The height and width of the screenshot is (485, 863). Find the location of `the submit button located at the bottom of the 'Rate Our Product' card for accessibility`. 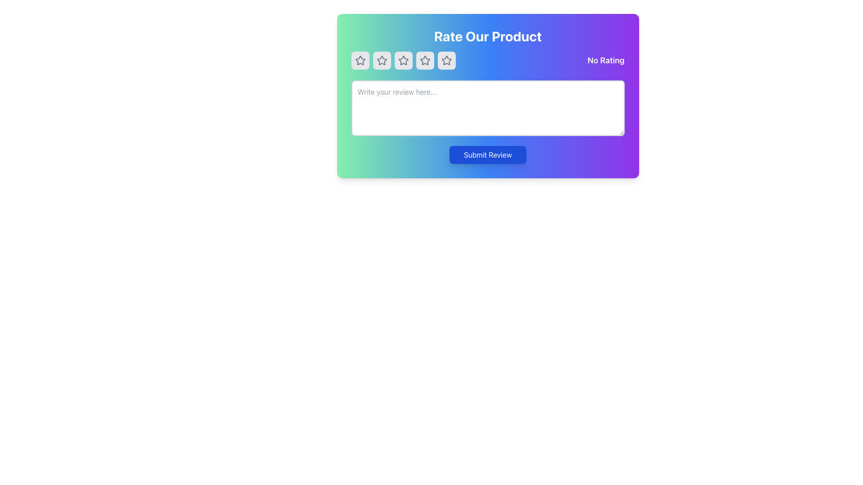

the submit button located at the bottom of the 'Rate Our Product' card for accessibility is located at coordinates (487, 154).